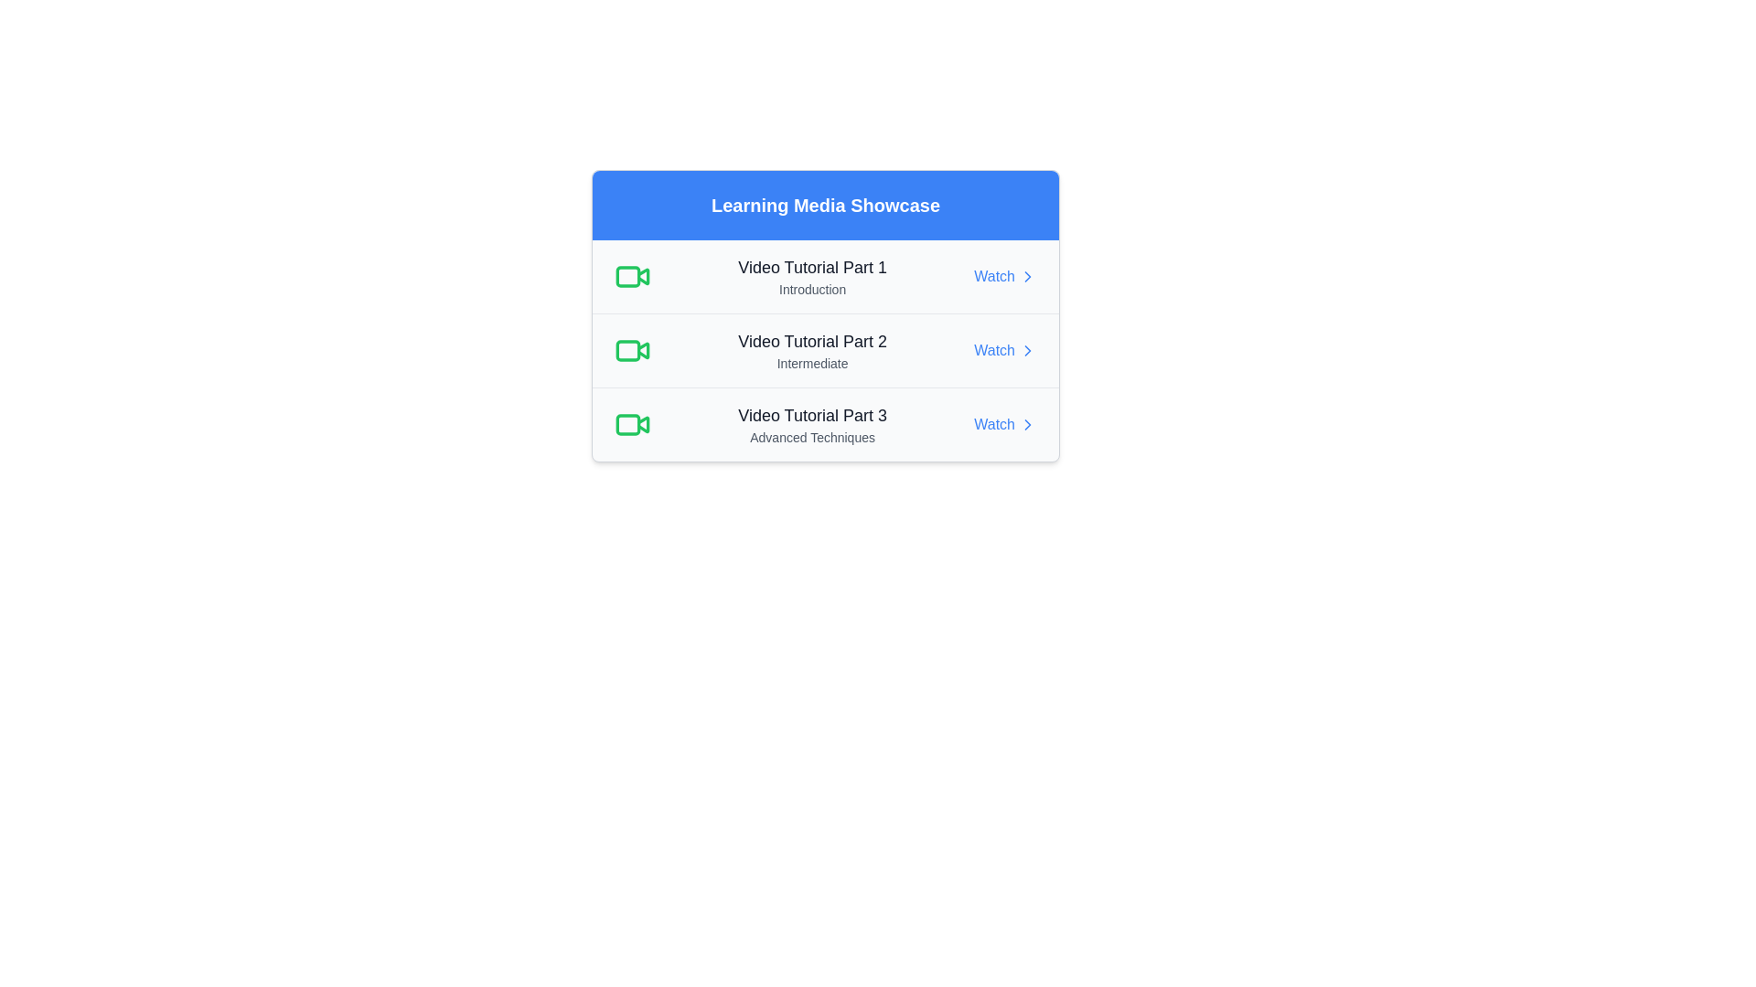 The image size is (1756, 987). I want to click on the title and description text display for the first video tutorial, located to the right of the green video icon in the vertical list, so click(811, 277).